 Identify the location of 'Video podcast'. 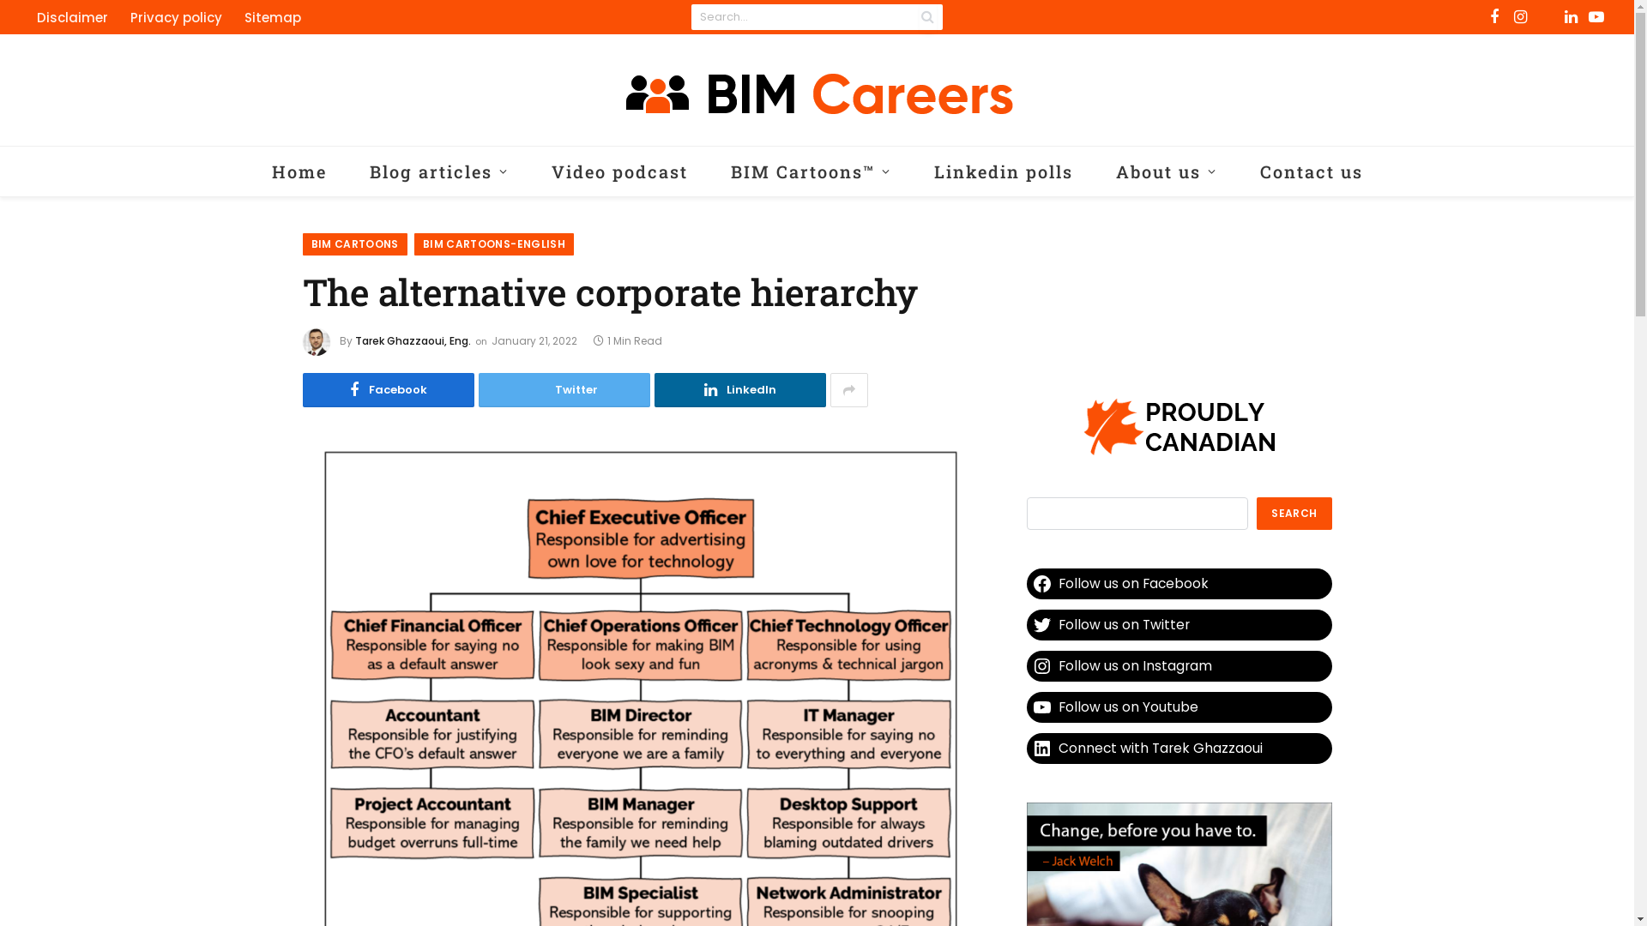
(618, 171).